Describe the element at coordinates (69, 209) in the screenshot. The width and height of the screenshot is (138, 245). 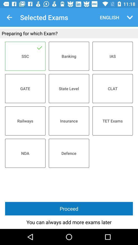
I see `proceed` at that location.